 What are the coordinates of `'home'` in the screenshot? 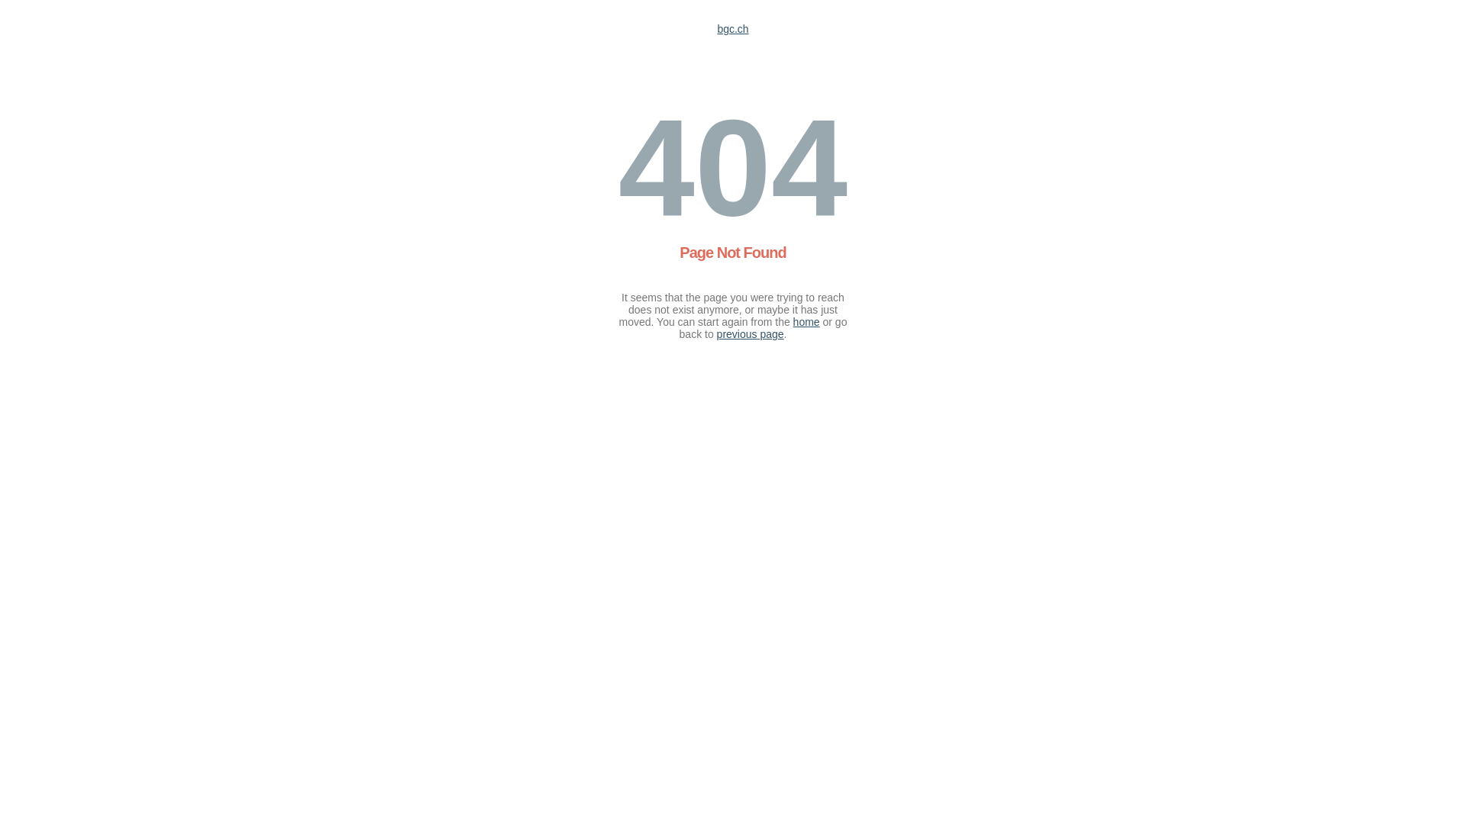 It's located at (793, 320).